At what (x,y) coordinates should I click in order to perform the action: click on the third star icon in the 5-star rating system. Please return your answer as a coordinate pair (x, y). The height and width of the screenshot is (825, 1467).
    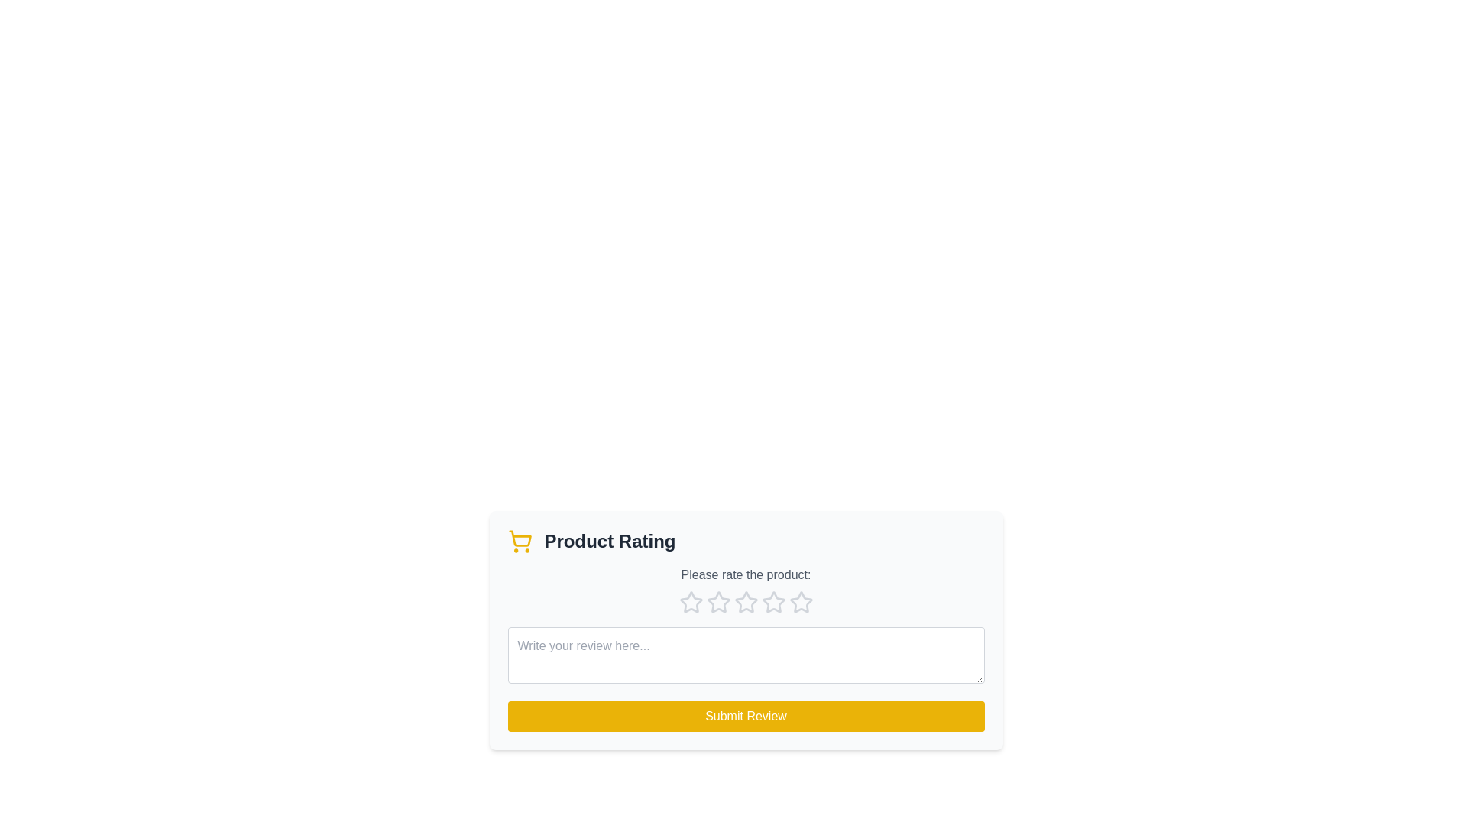
    Looking at the image, I should click on (717, 602).